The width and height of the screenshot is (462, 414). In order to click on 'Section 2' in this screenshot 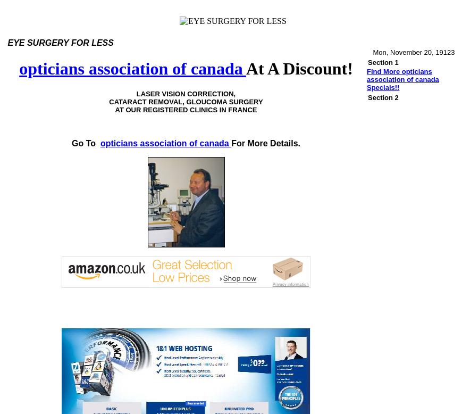, I will do `click(383, 97)`.